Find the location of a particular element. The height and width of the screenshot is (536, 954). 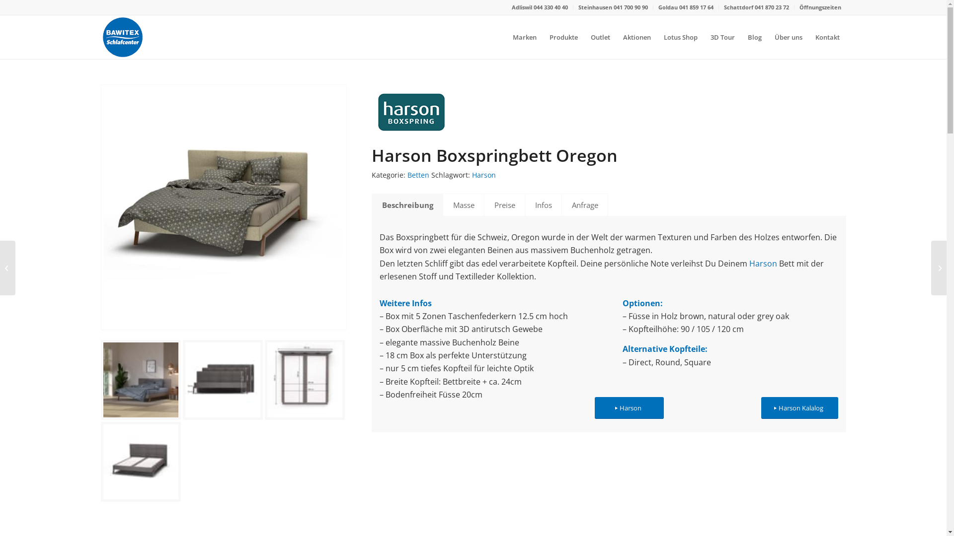

'041 870 23 72' is located at coordinates (771, 7).